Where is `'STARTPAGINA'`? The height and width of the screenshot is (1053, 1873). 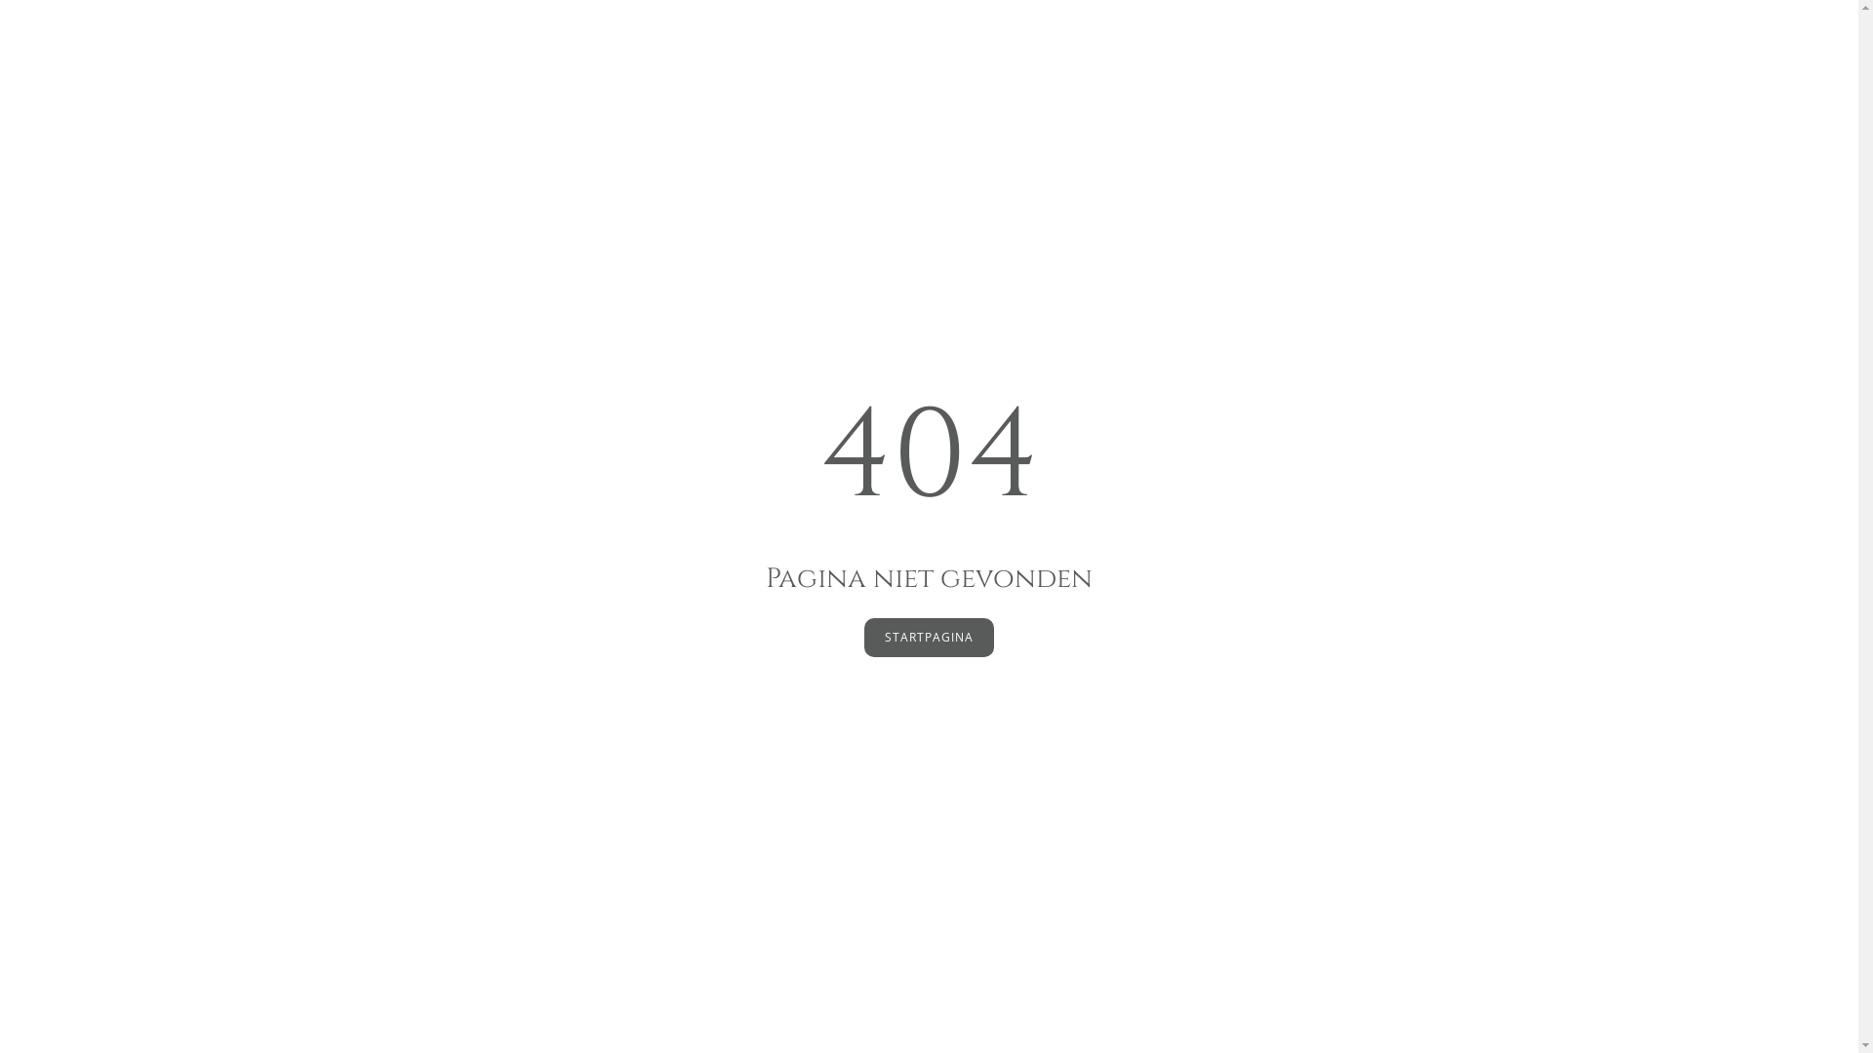
'STARTPAGINA' is located at coordinates (928, 638).